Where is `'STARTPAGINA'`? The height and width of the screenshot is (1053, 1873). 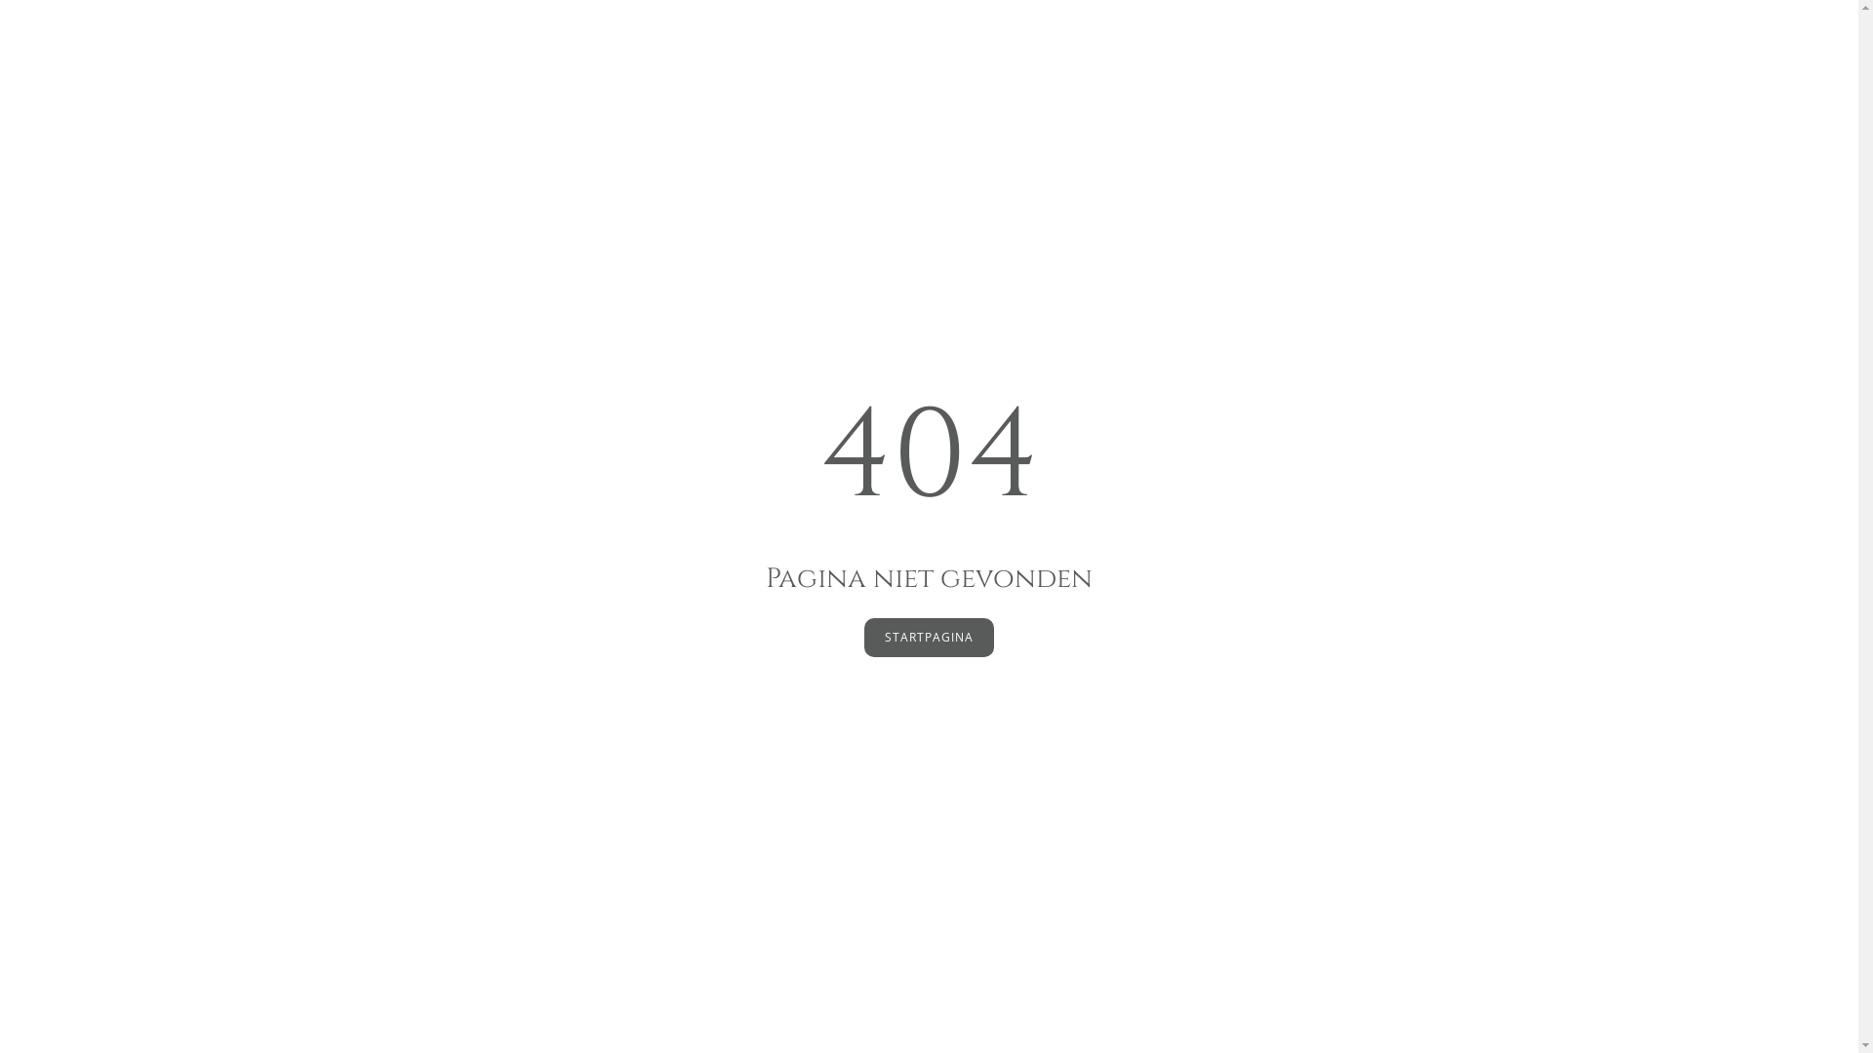
'STARTPAGINA' is located at coordinates (928, 638).